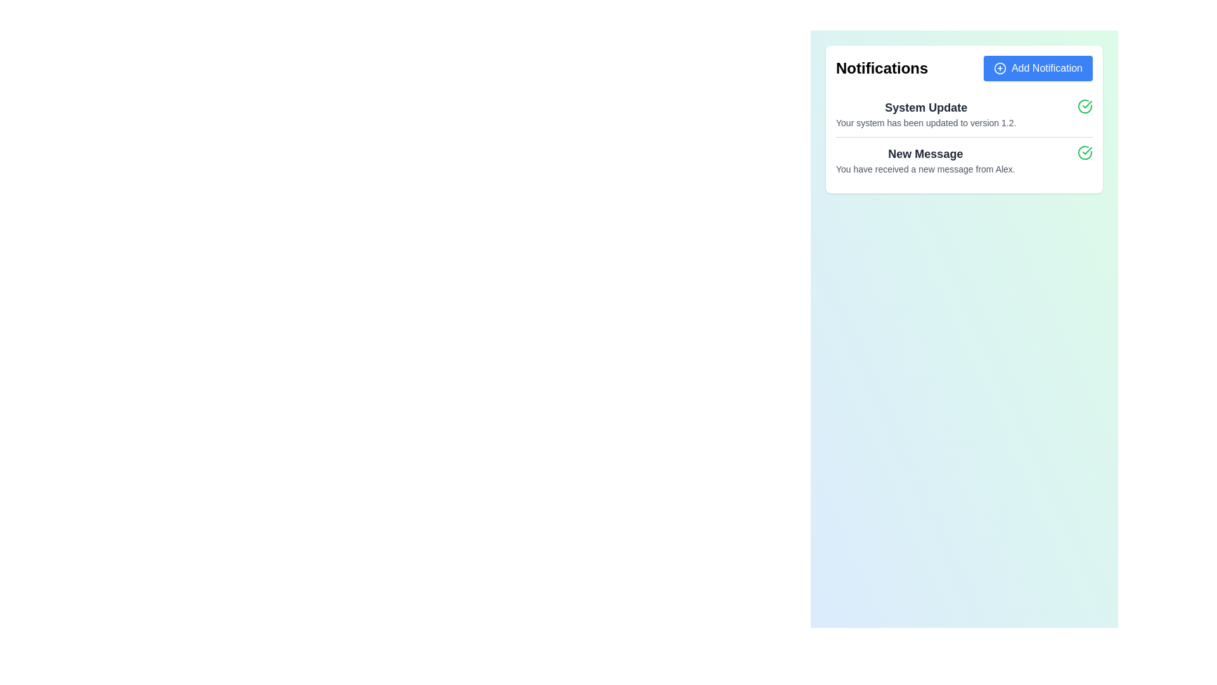 Image resolution: width=1217 pixels, height=685 pixels. I want to click on the circular icon with a plus symbol inside, located to the immediate left of the text 'Add Notification' within the 'Add Notification' button at the top-right corner of the notification panel, so click(999, 68).